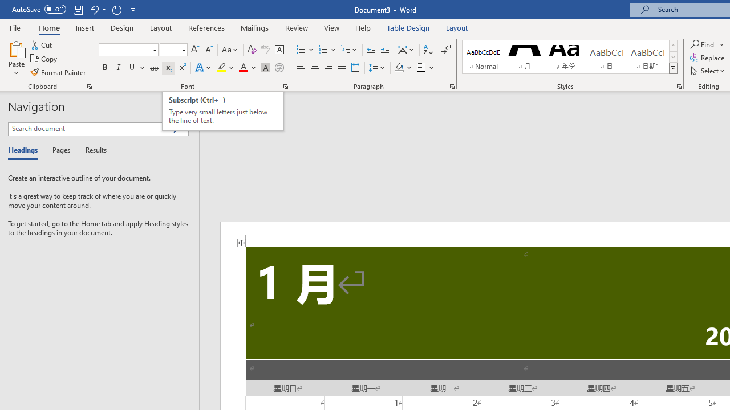 Image resolution: width=730 pixels, height=410 pixels. I want to click on 'AutomationID: QuickStylesGallery', so click(570, 57).